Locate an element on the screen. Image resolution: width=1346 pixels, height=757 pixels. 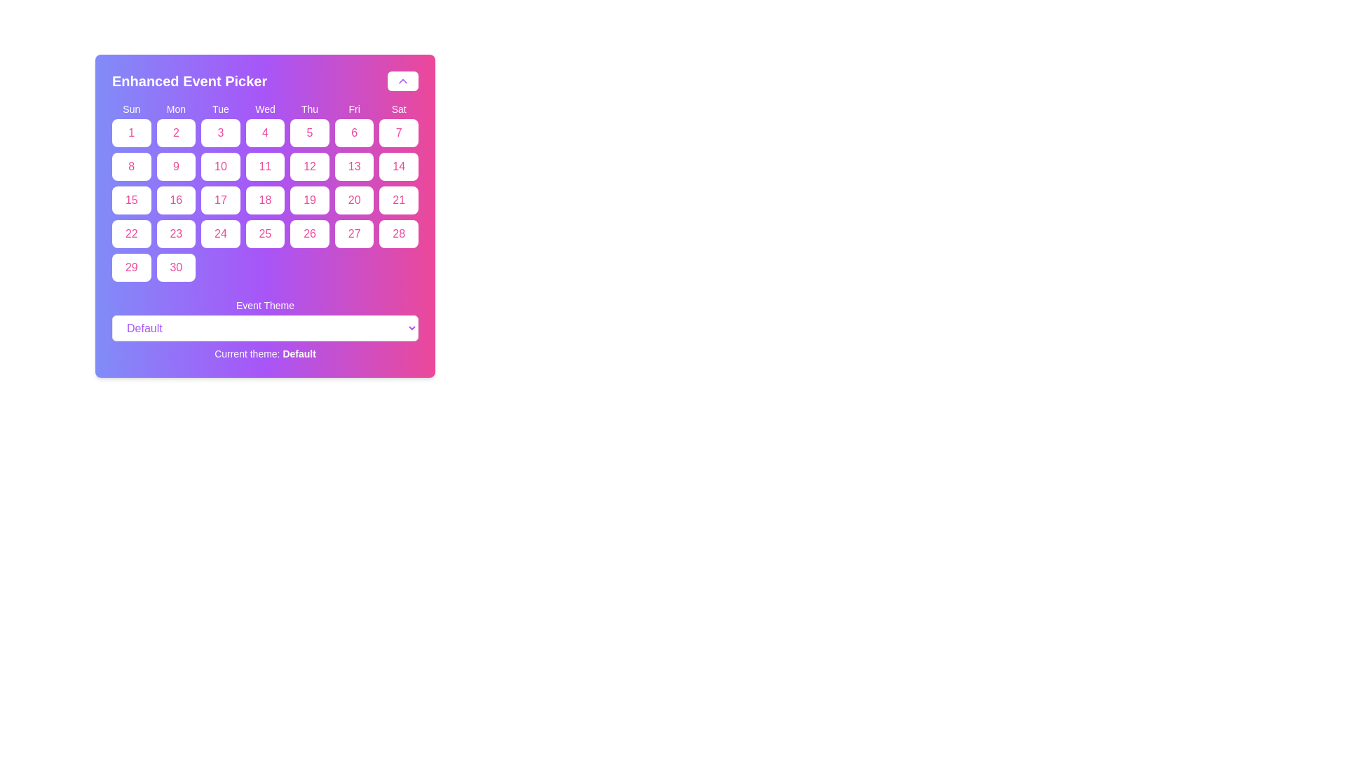
the square-shaped button displaying the number '22' in pink text is located at coordinates (131, 233).